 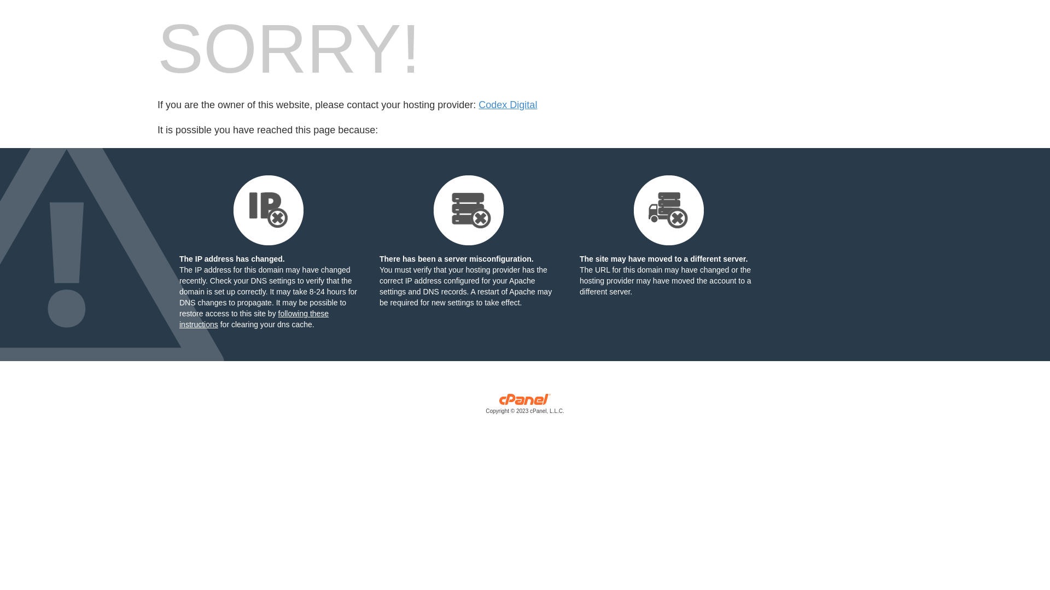 I want to click on 'Codex Digital', so click(x=507, y=105).